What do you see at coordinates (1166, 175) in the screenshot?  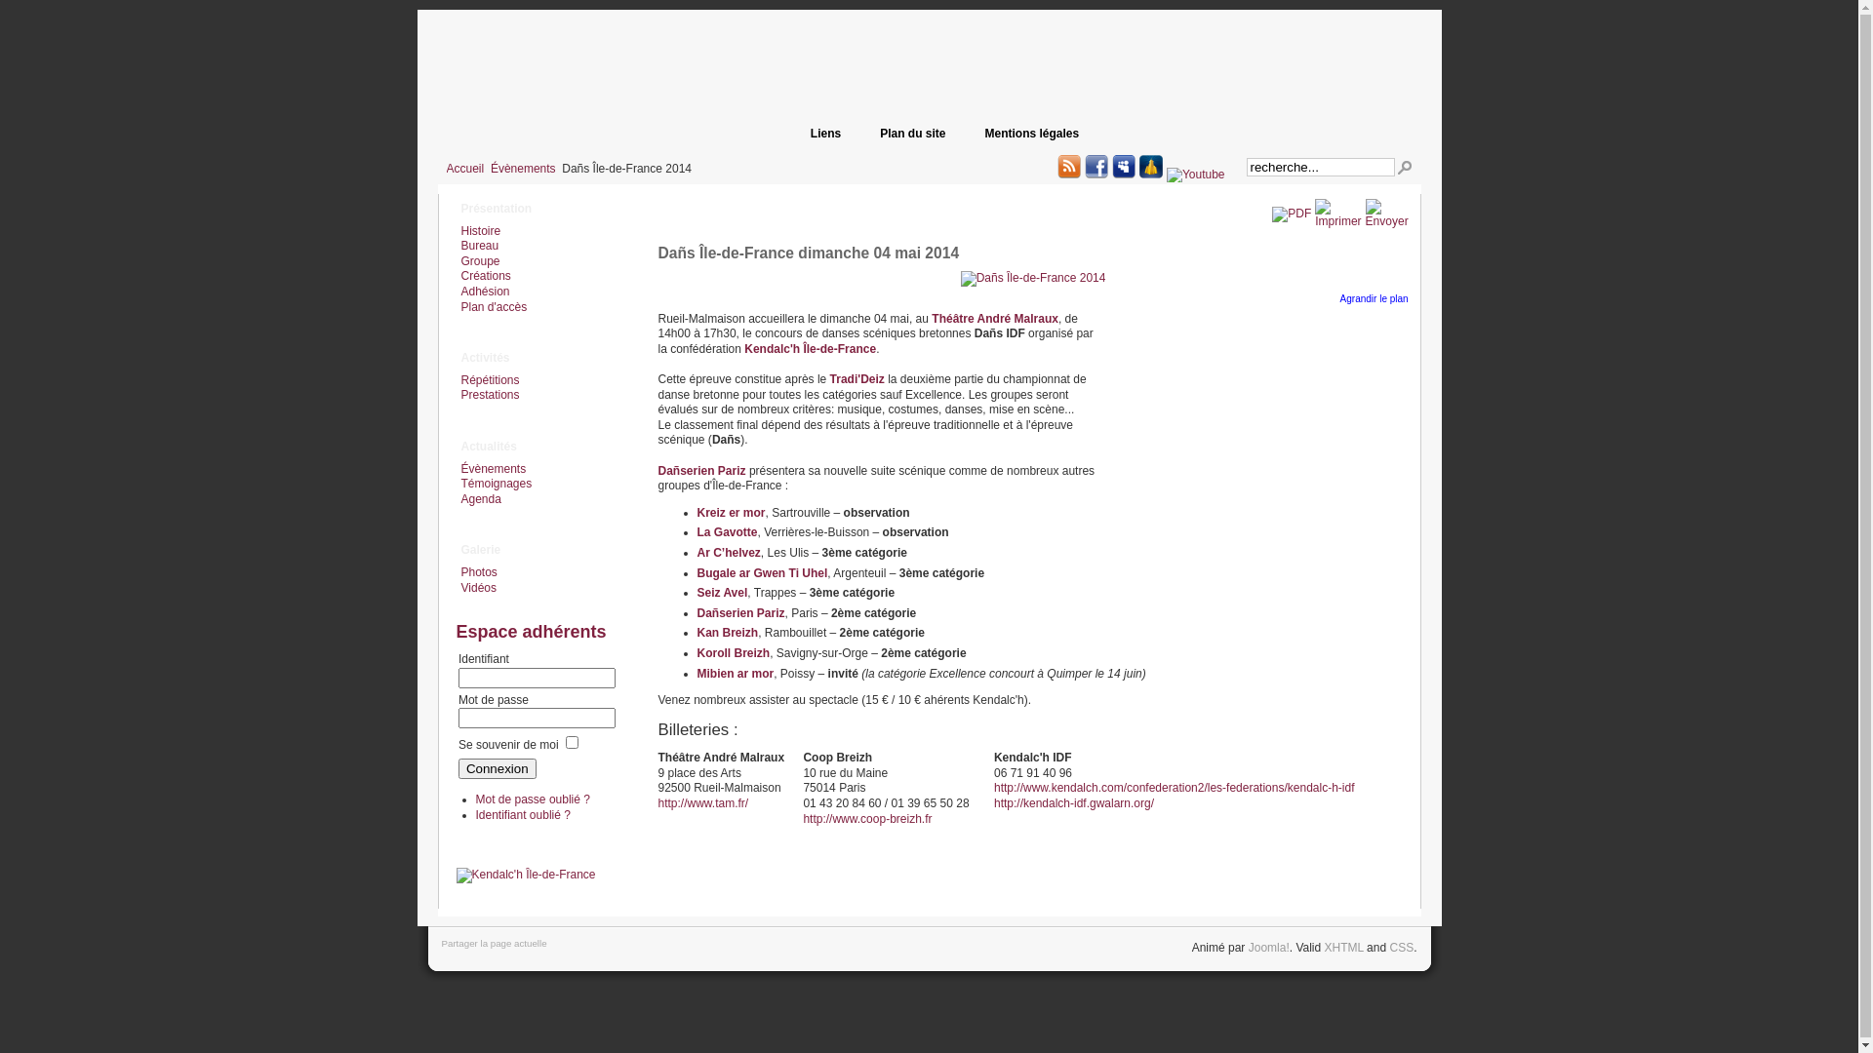 I see `'Suivez-nous sur Youtube'` at bounding box center [1166, 175].